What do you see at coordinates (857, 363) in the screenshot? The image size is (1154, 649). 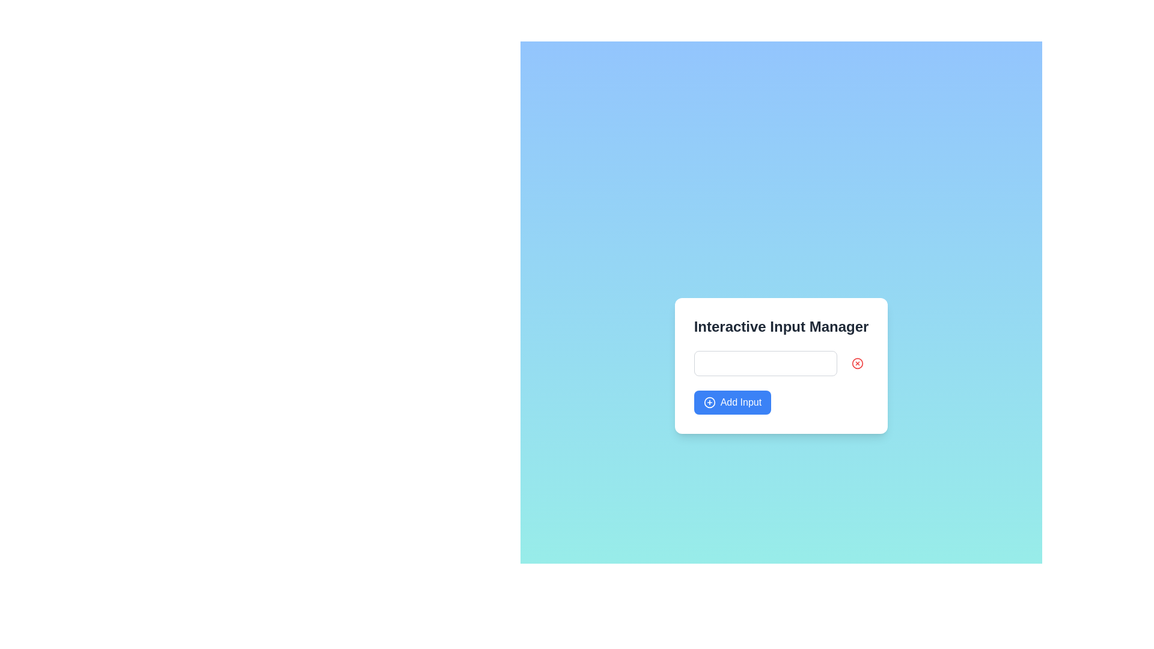 I see `the red 'clear' or 'cancel' icon located to the right of the 'Interactive Input Manager' input box` at bounding box center [857, 363].